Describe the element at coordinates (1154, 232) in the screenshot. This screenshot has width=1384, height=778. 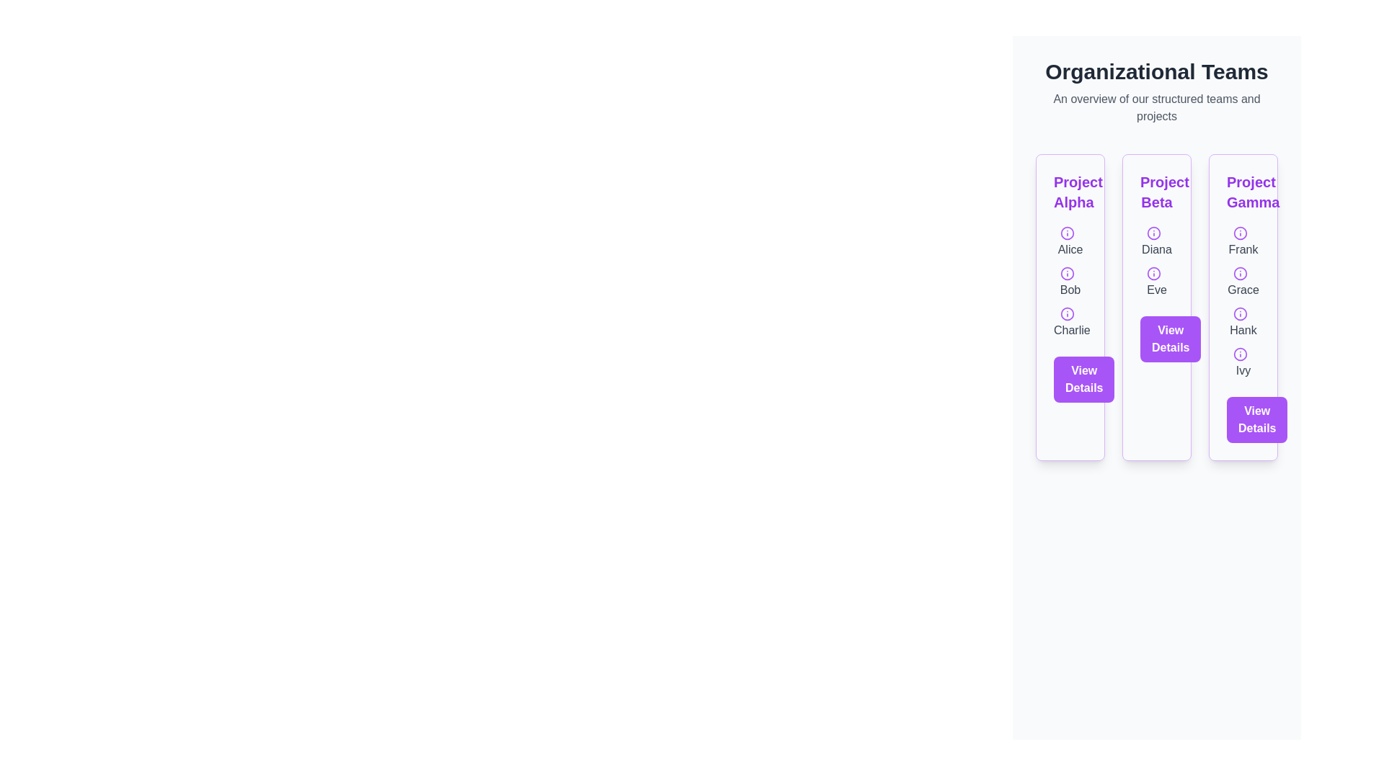
I see `the information icon with a purple circular outline and a lowercase 'i' in the center, located in the second column titled 'Project Beta'` at that location.